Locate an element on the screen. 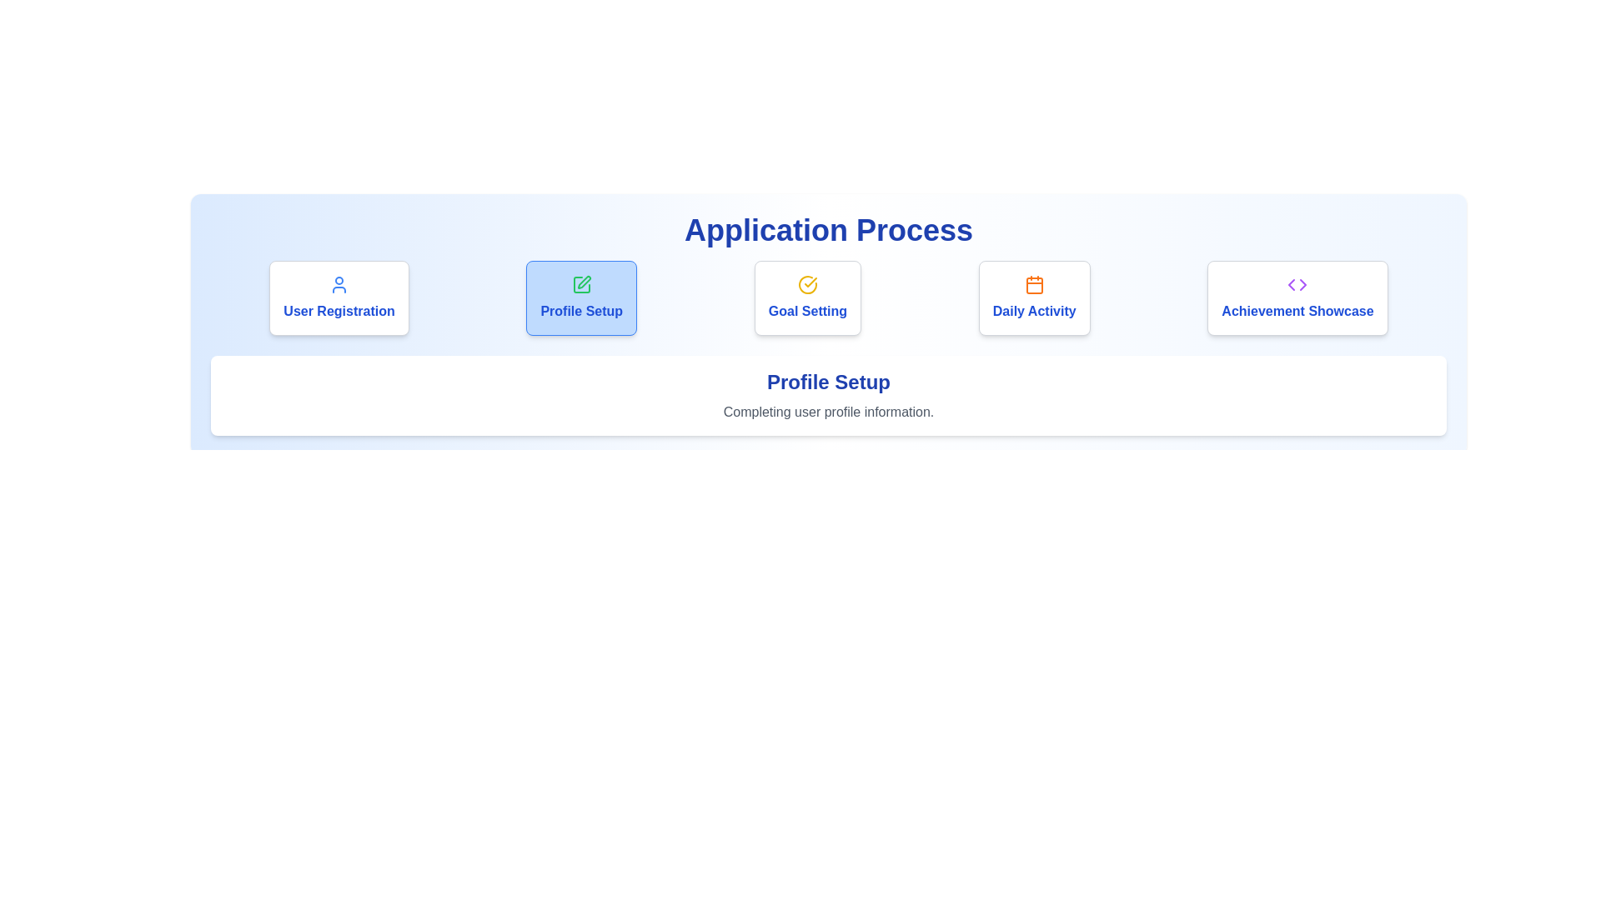 Image resolution: width=1601 pixels, height=900 pixels. the details of the 'Daily Activity' icon, which serves as a visual indicator for the calendar or schedule section is located at coordinates (1033, 284).